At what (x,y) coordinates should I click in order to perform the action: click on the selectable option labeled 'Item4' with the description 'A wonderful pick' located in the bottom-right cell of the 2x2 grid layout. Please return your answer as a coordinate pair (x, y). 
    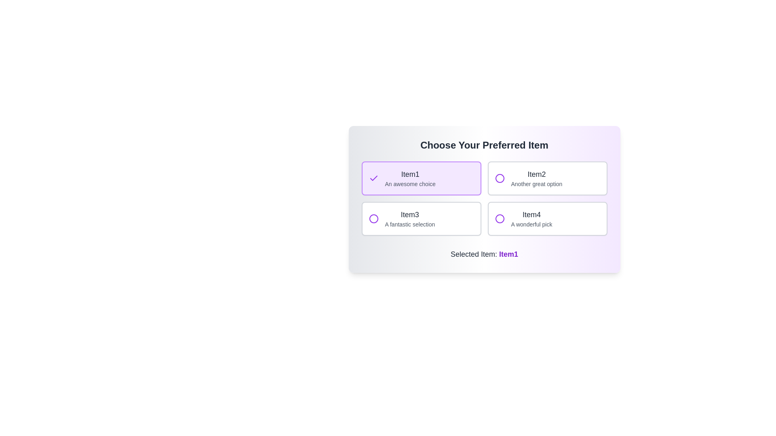
    Looking at the image, I should click on (531, 219).